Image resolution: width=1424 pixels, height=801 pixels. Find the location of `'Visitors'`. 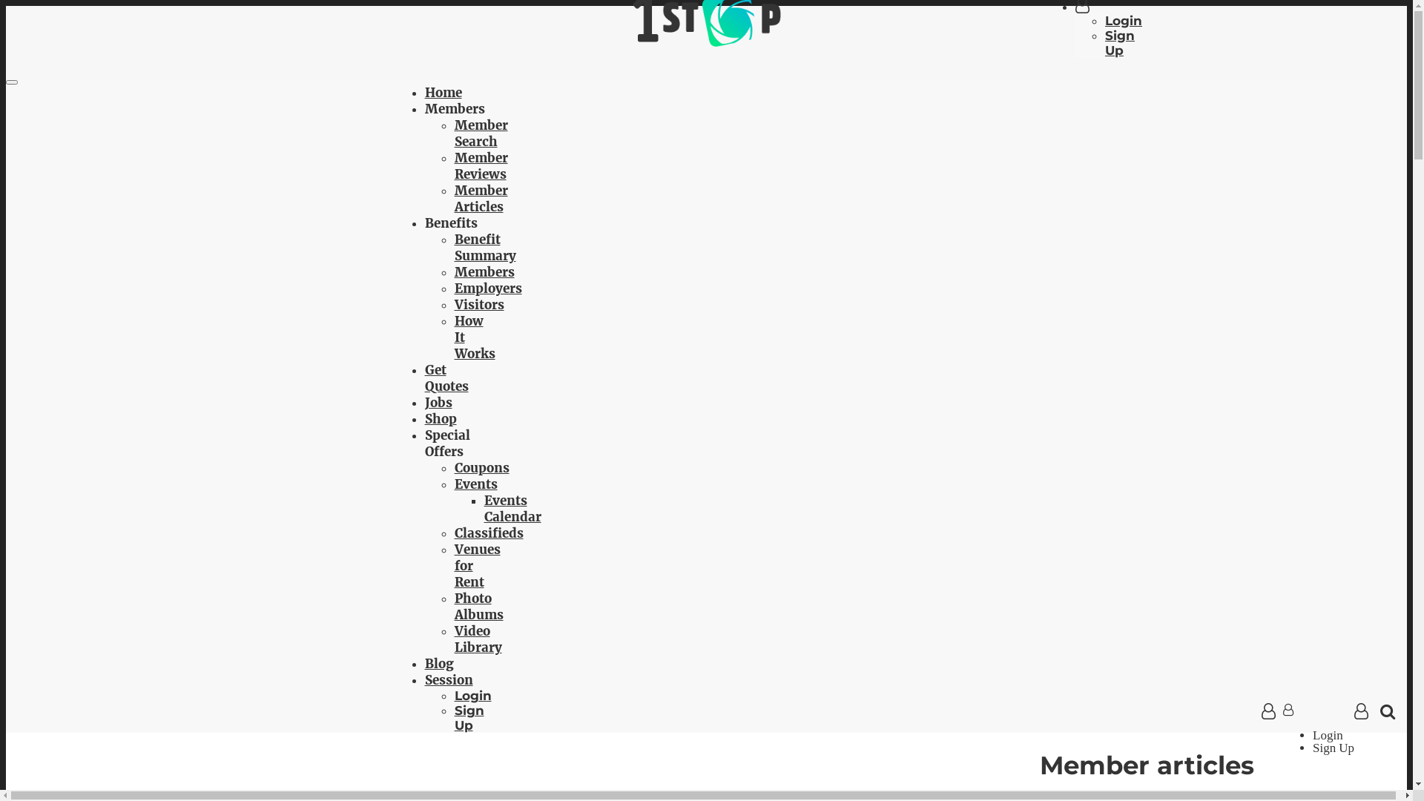

'Visitors' is located at coordinates (478, 304).